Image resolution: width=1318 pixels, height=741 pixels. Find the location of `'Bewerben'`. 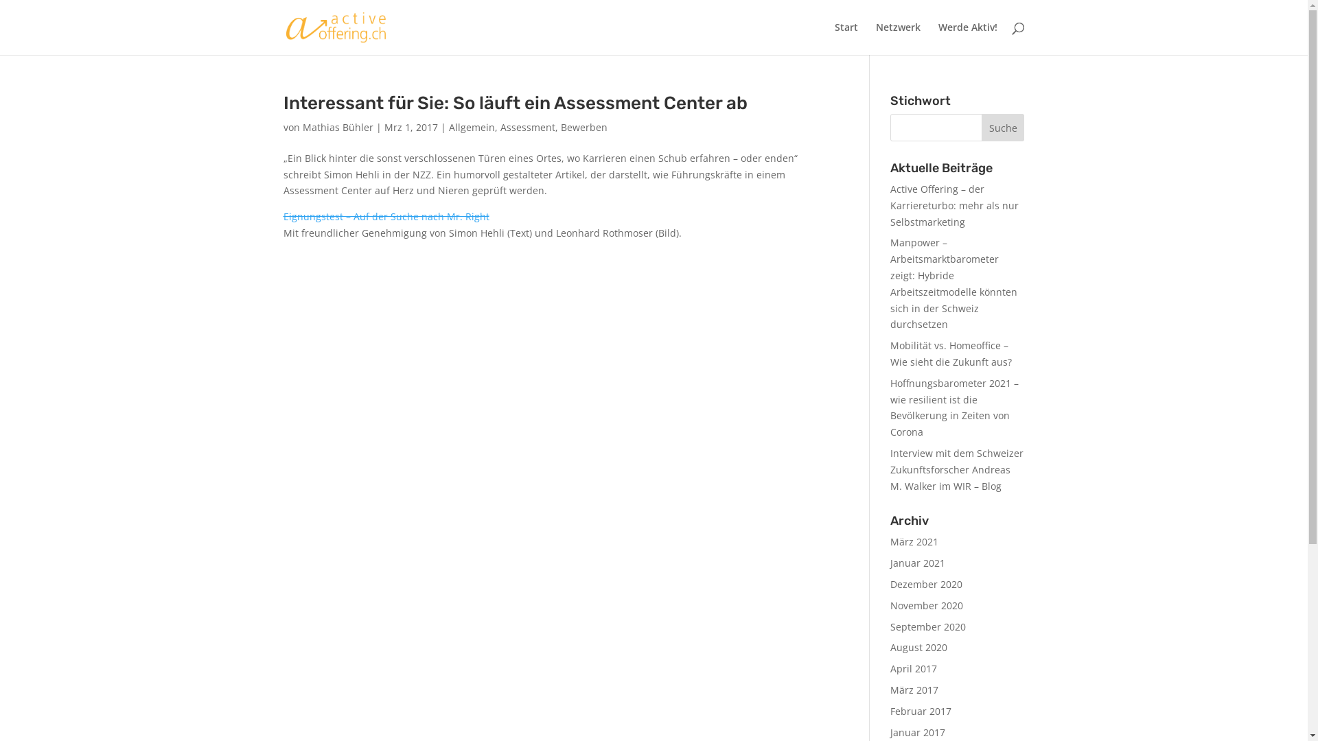

'Bewerben' is located at coordinates (583, 127).